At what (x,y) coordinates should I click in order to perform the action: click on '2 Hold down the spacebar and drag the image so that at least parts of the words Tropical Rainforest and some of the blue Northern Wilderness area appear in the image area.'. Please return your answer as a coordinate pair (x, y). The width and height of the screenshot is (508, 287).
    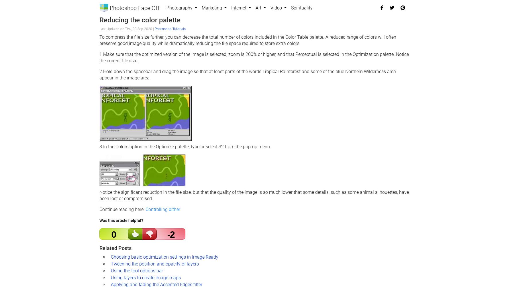
    Looking at the image, I should click on (99, 74).